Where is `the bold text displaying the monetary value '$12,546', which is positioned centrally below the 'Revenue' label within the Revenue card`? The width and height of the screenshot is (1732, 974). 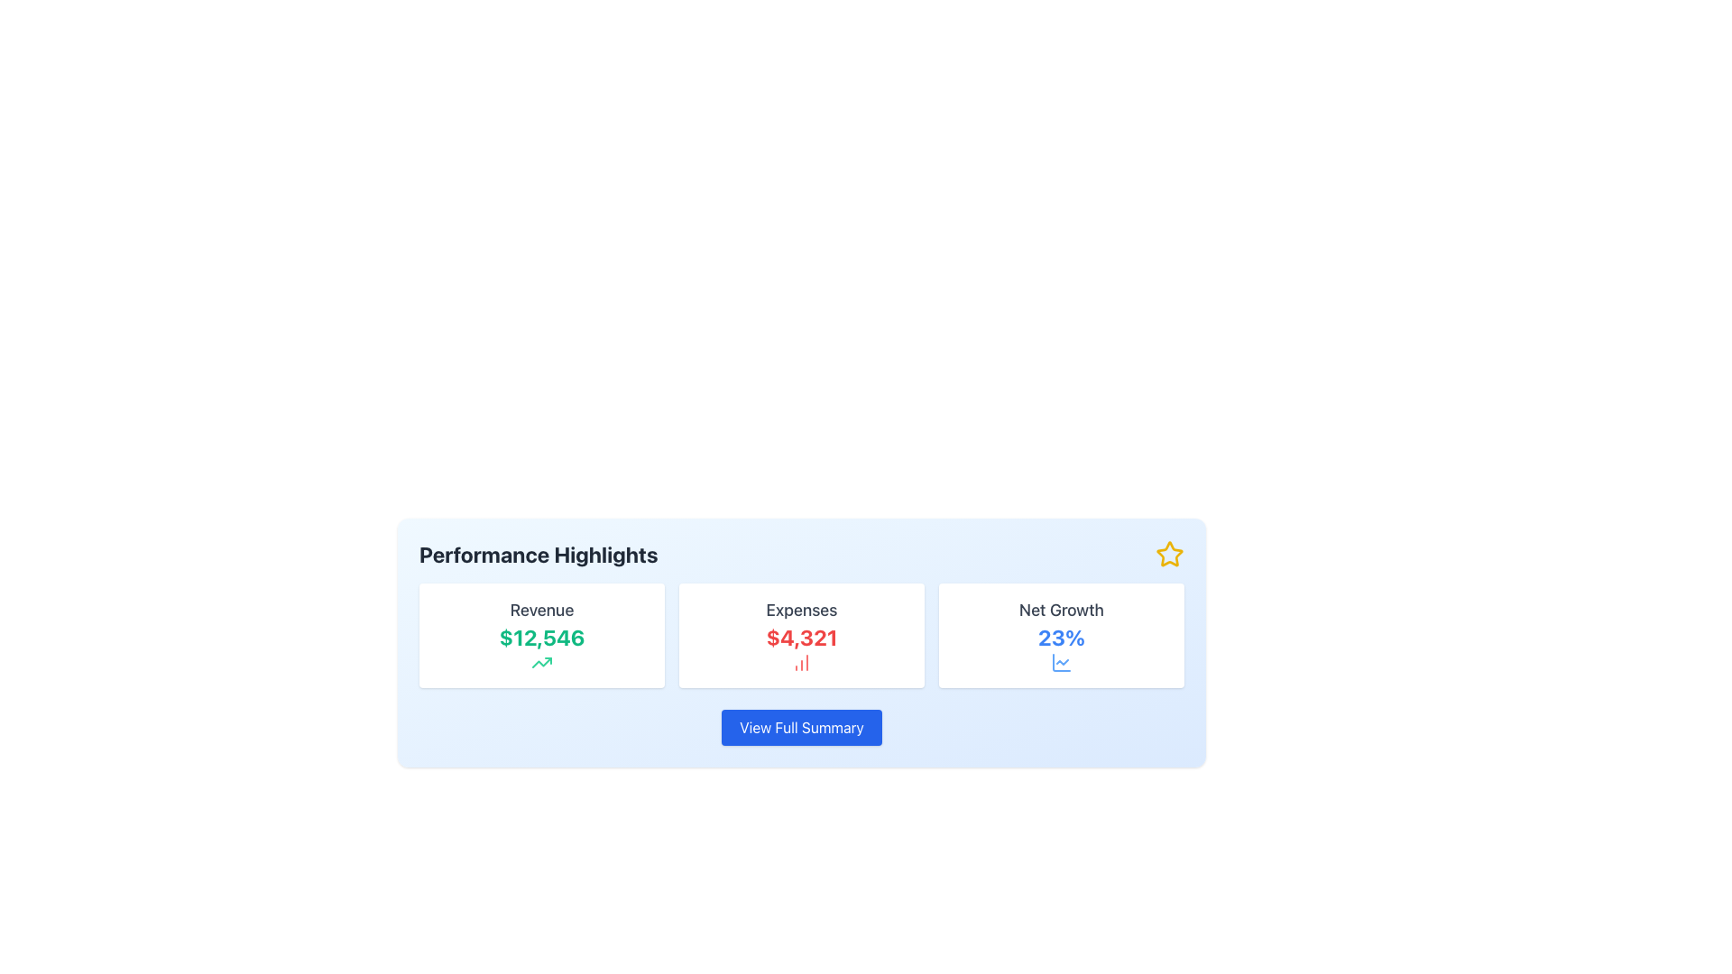 the bold text displaying the monetary value '$12,546', which is positioned centrally below the 'Revenue' label within the Revenue card is located at coordinates (540, 636).